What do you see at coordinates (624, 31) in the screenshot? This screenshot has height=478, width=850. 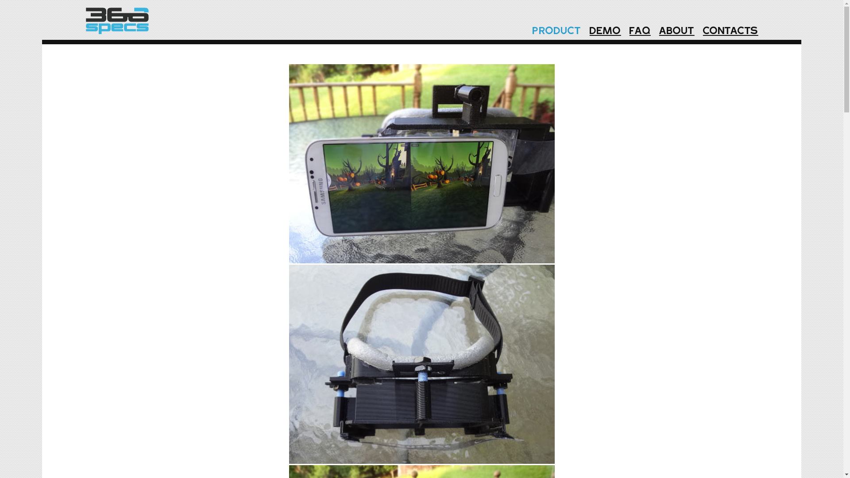 I see `'FAQ'` at bounding box center [624, 31].